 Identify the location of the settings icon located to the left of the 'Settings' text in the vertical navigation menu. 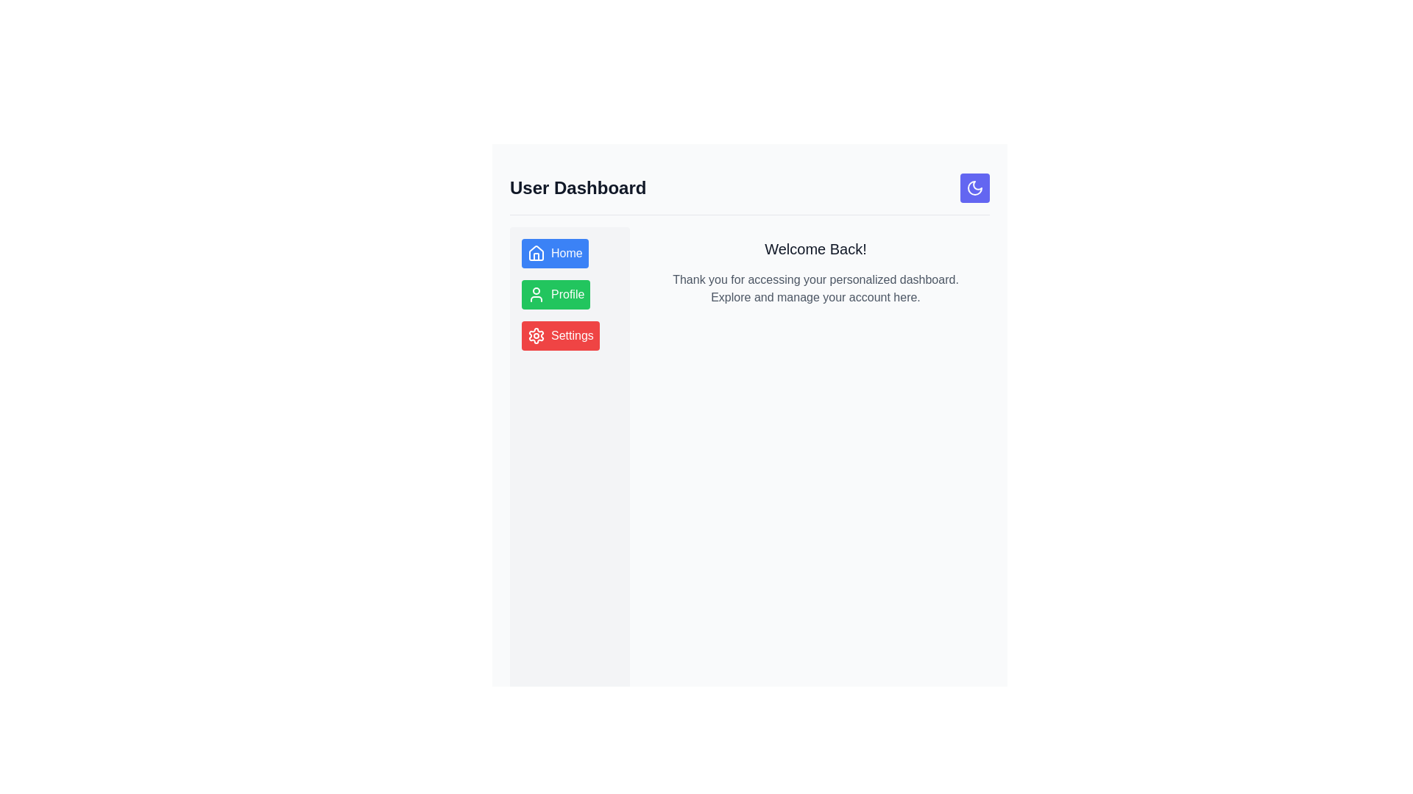
(536, 335).